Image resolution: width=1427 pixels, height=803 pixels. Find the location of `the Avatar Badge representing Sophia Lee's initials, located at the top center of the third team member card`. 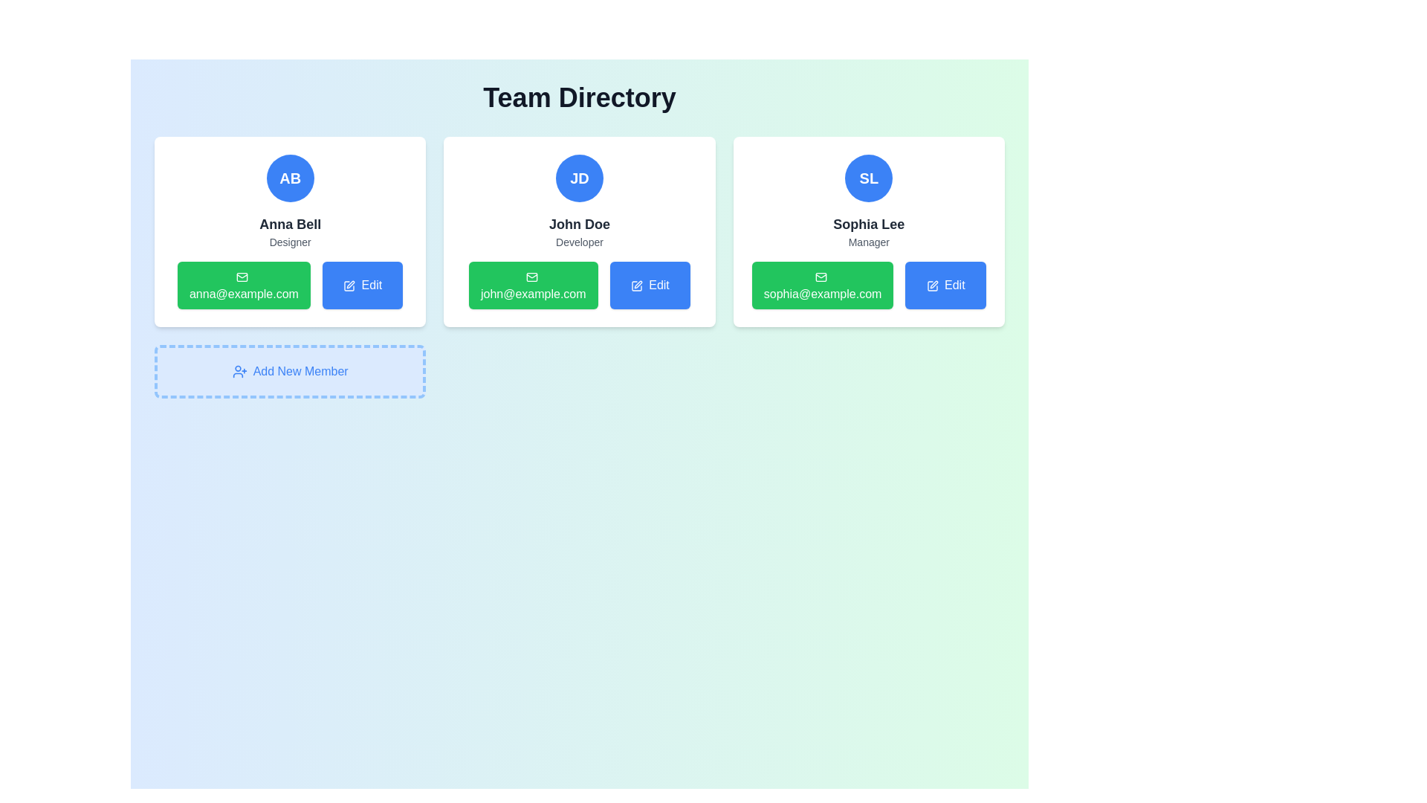

the Avatar Badge representing Sophia Lee's initials, located at the top center of the third team member card is located at coordinates (869, 177).